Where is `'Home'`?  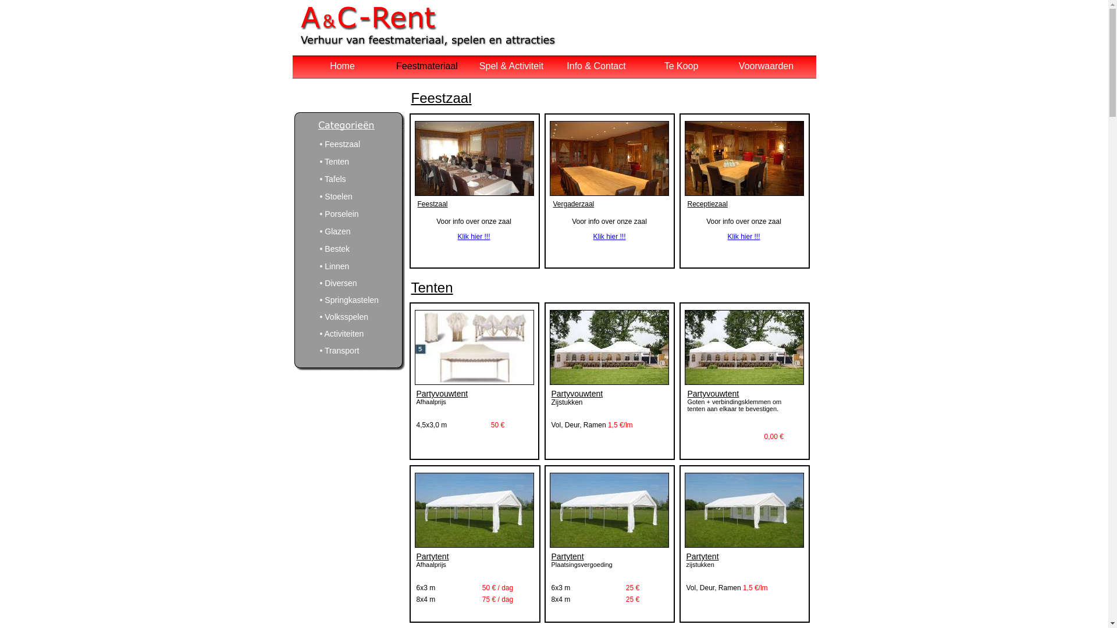 'Home' is located at coordinates (341, 66).